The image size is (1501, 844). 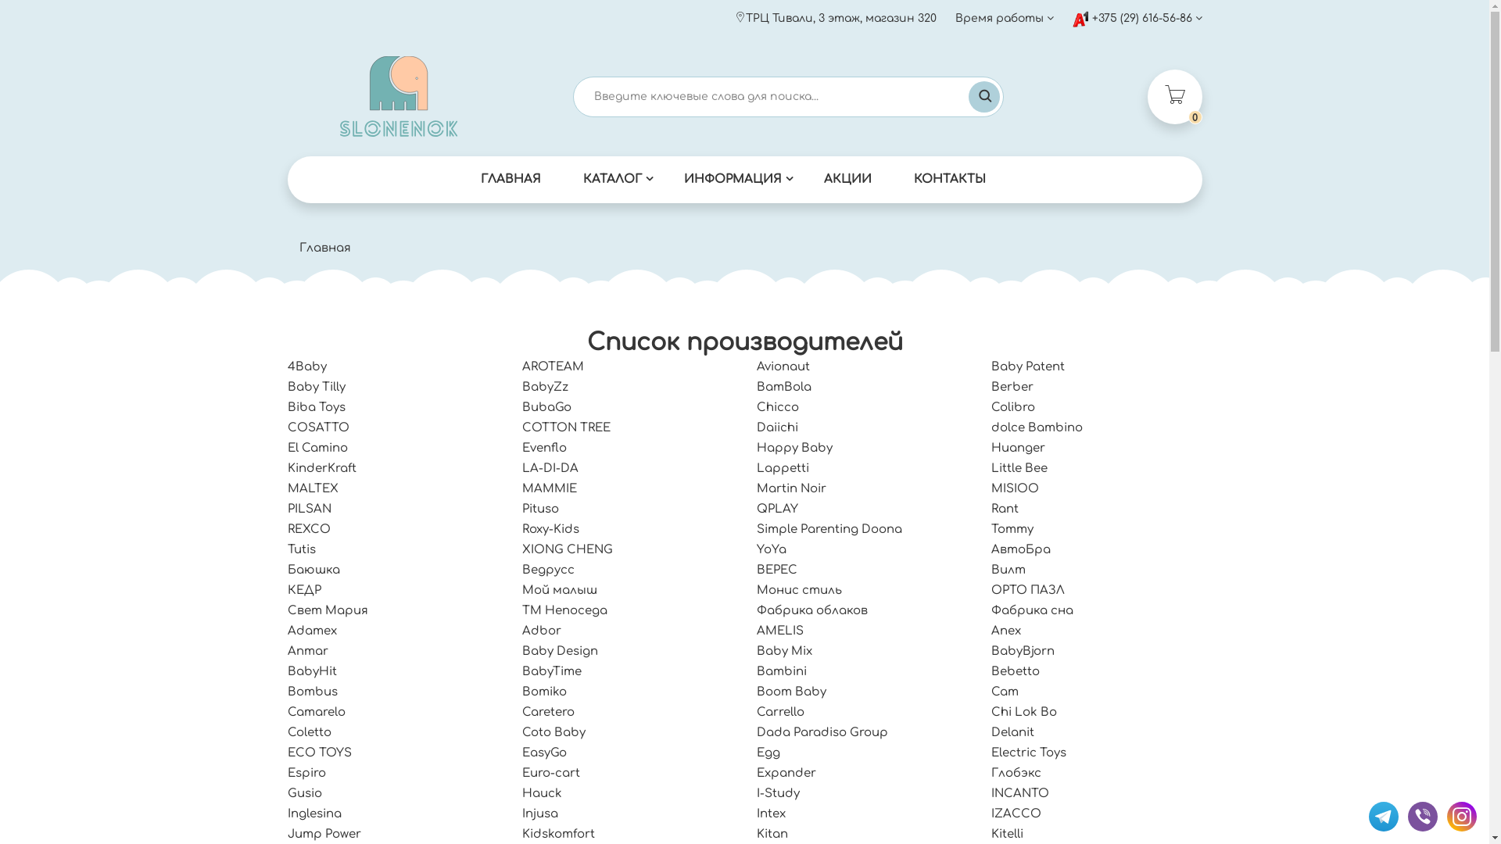 I want to click on 'Euro-cart', so click(x=521, y=772).